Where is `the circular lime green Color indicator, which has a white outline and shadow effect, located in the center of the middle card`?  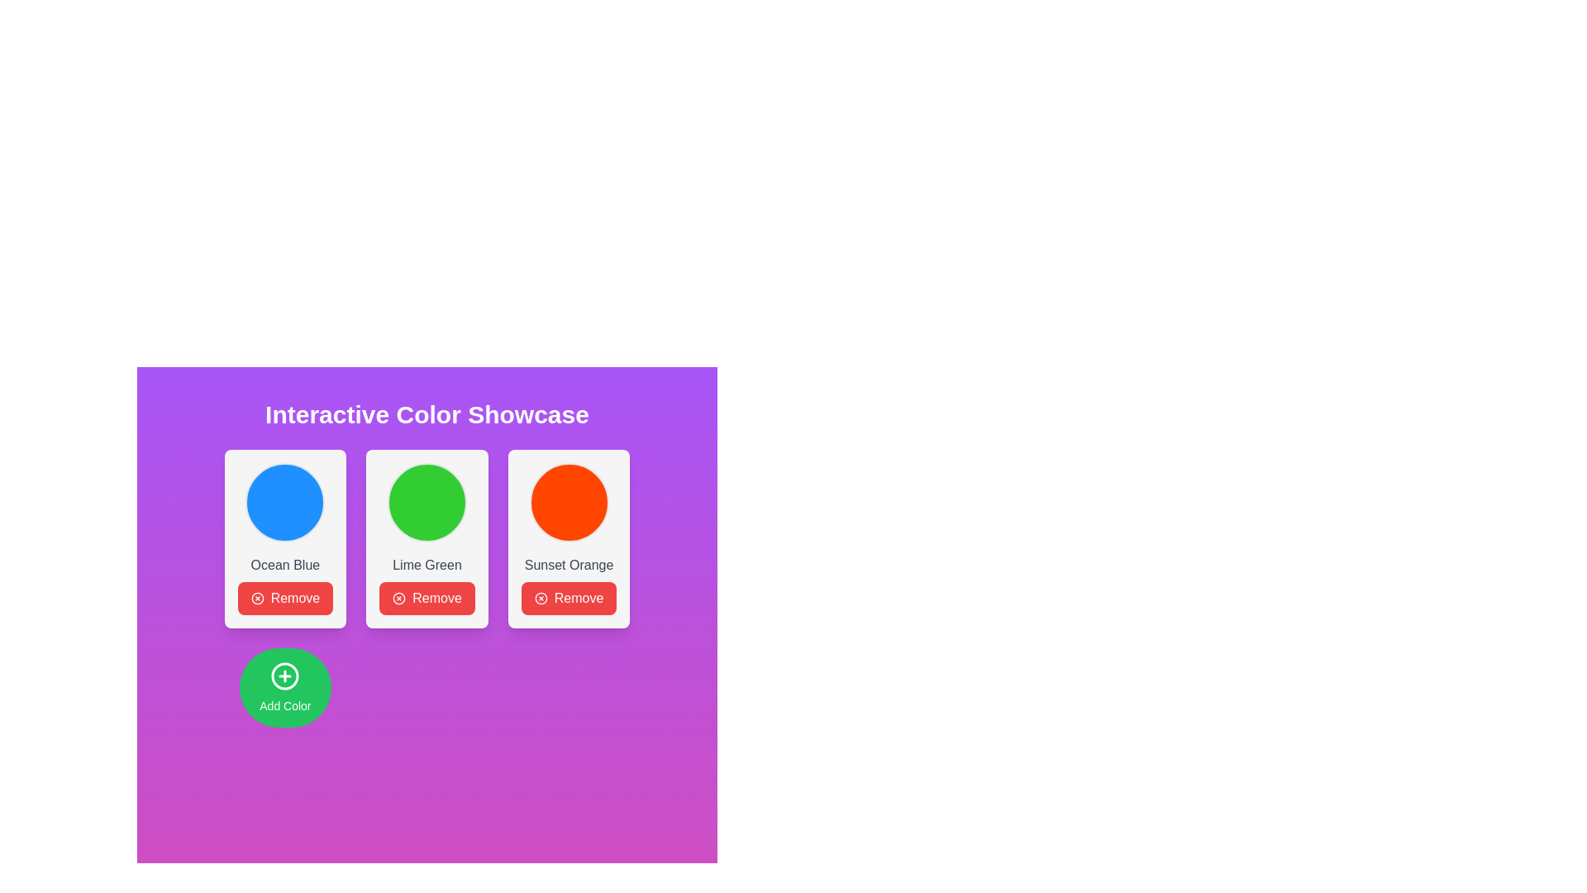
the circular lime green Color indicator, which has a white outline and shadow effect, located in the center of the middle card is located at coordinates (427, 502).